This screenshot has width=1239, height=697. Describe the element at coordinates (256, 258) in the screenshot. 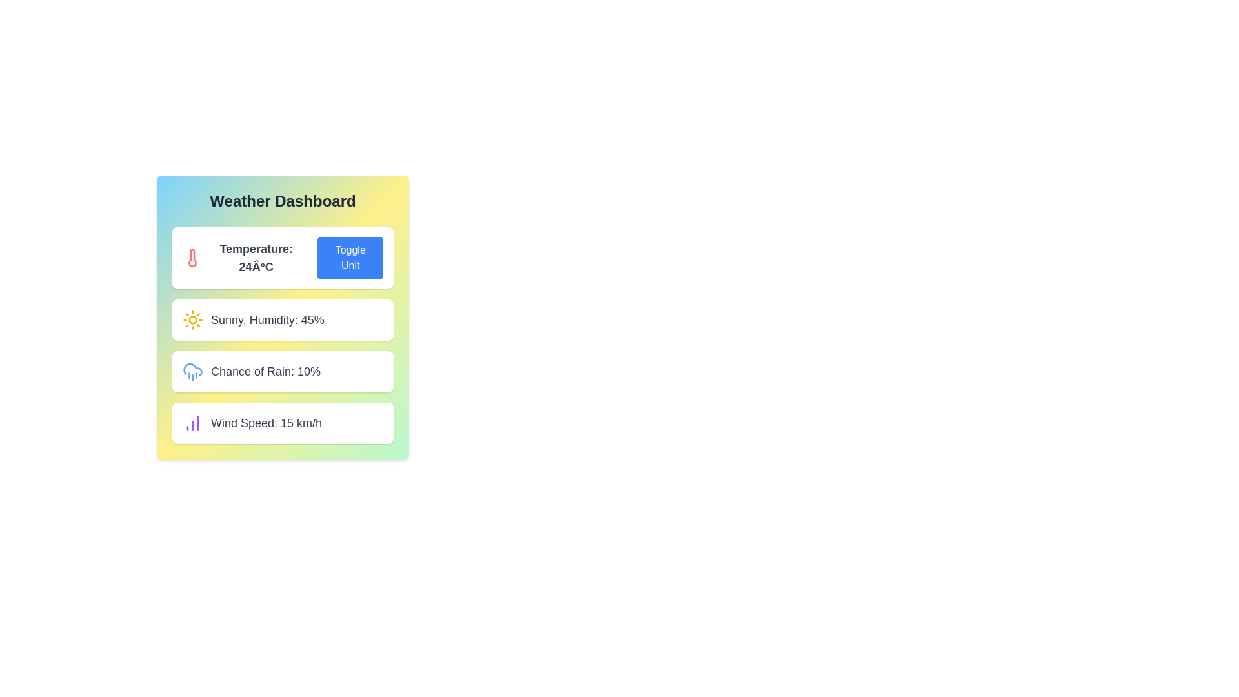

I see `the informational Text label displaying the temperature in Celsius, located between a red thermometer icon and a blue button labeled 'Toggle Unit' on the weather dashboard` at that location.